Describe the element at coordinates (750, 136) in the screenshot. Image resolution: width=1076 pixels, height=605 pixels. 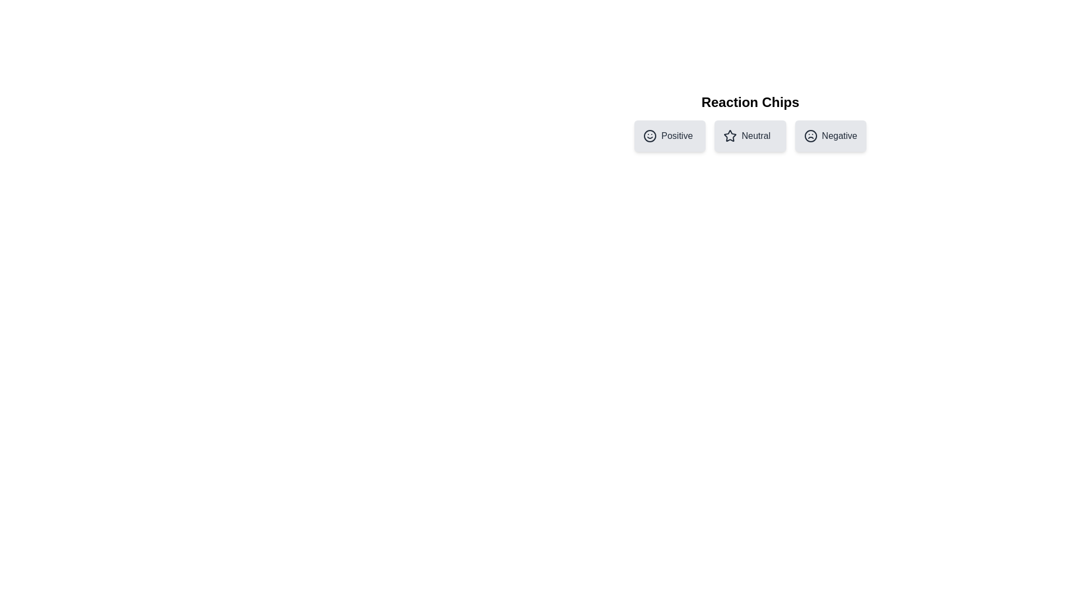
I see `the chip labeled Neutral` at that location.